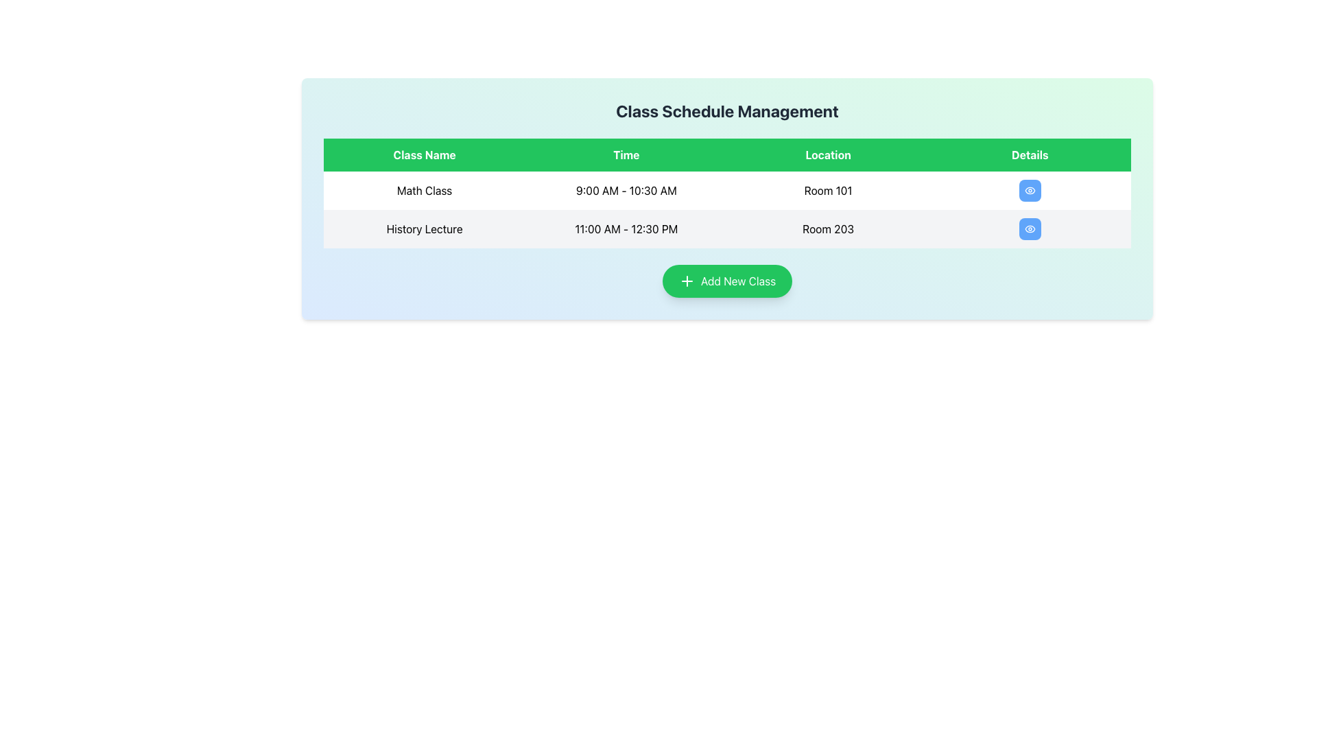 The width and height of the screenshot is (1317, 741). I want to click on the green rounded rectangle button labeled 'Add New Class' featuring a plus icon, so click(687, 280).